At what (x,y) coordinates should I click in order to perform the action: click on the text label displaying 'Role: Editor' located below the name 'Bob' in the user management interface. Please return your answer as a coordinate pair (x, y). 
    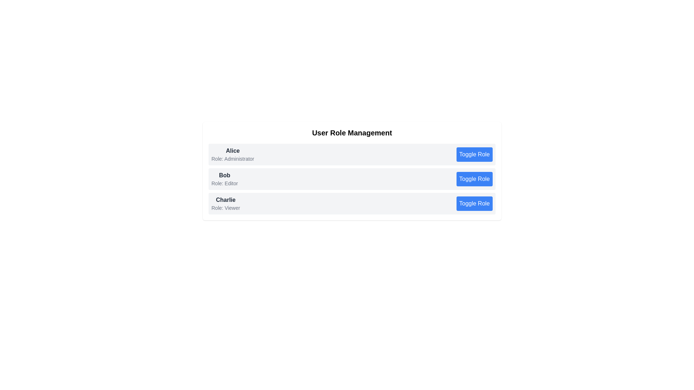
    Looking at the image, I should click on (224, 183).